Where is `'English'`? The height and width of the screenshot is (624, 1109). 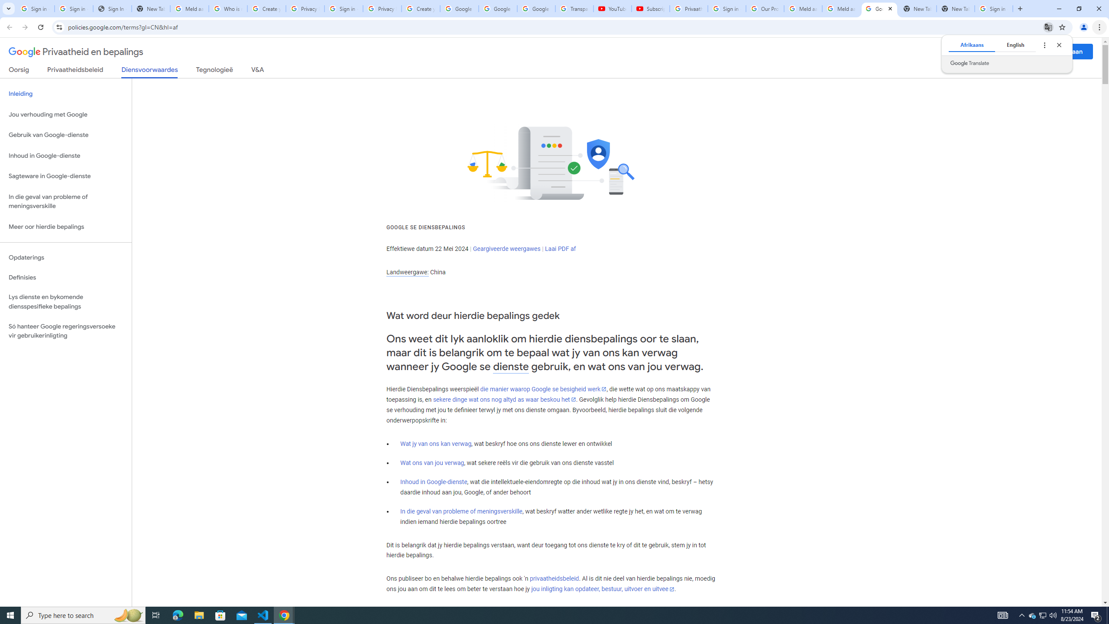
'English' is located at coordinates (1015, 45).